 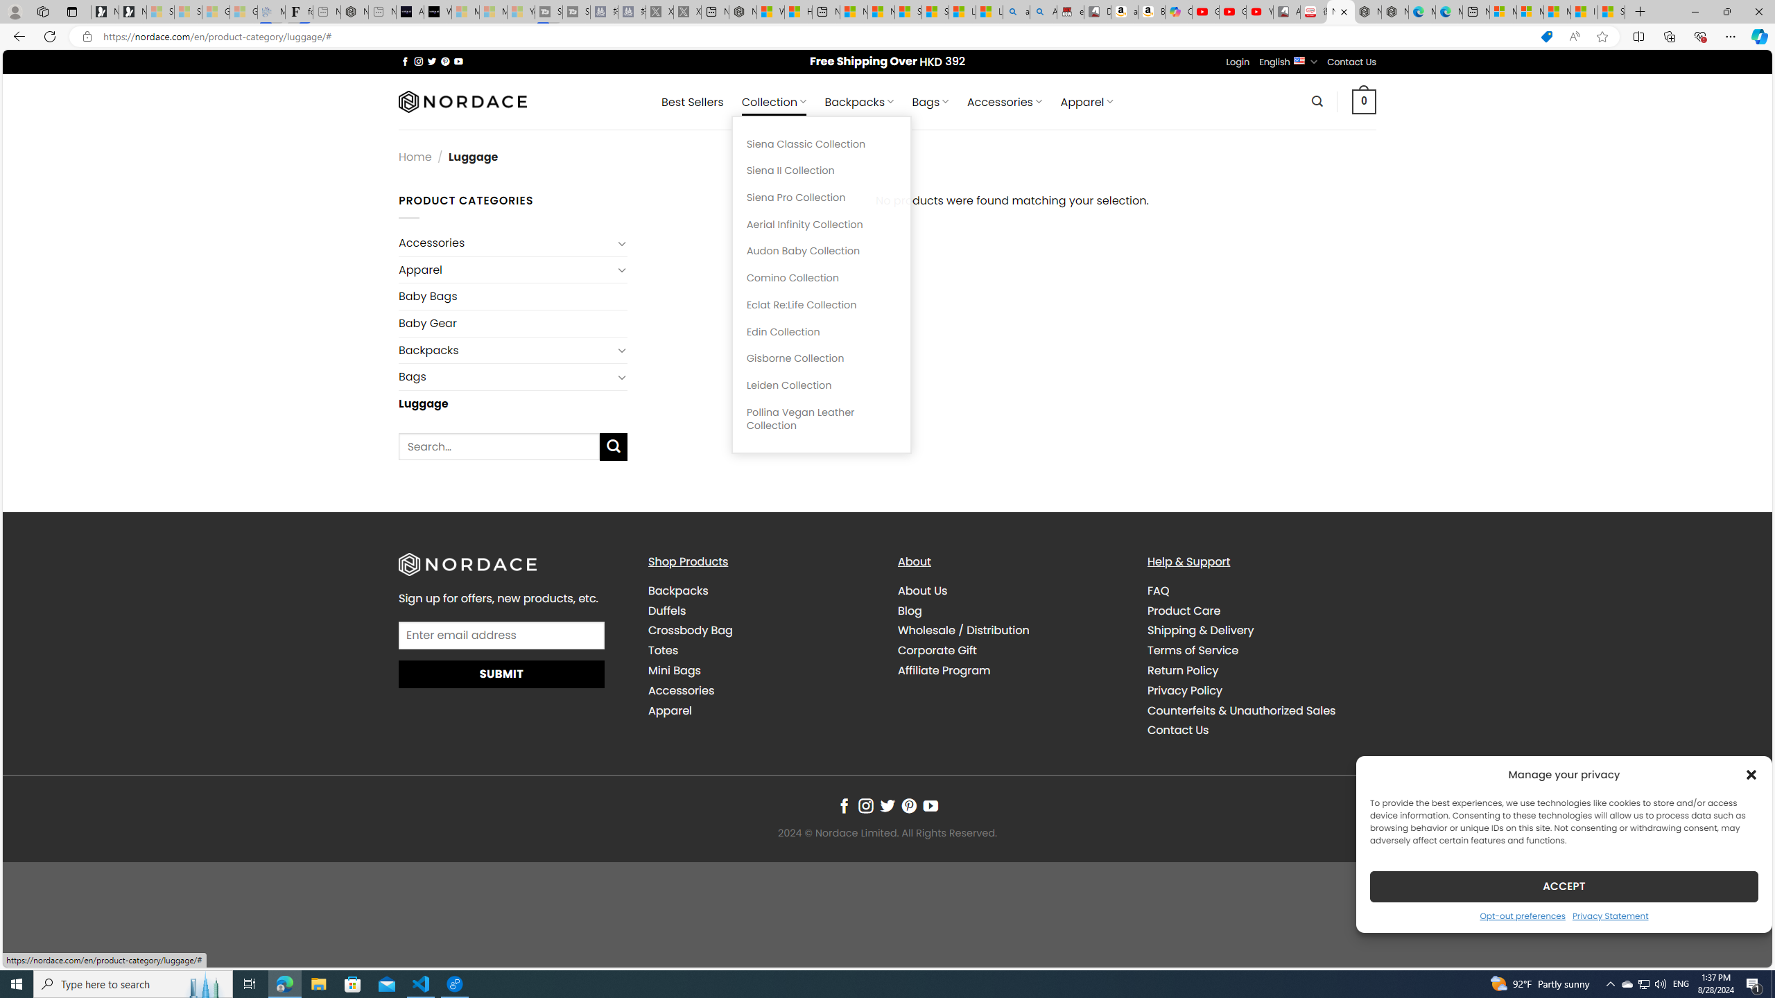 What do you see at coordinates (820, 358) in the screenshot?
I see `'Gisborne Collection'` at bounding box center [820, 358].